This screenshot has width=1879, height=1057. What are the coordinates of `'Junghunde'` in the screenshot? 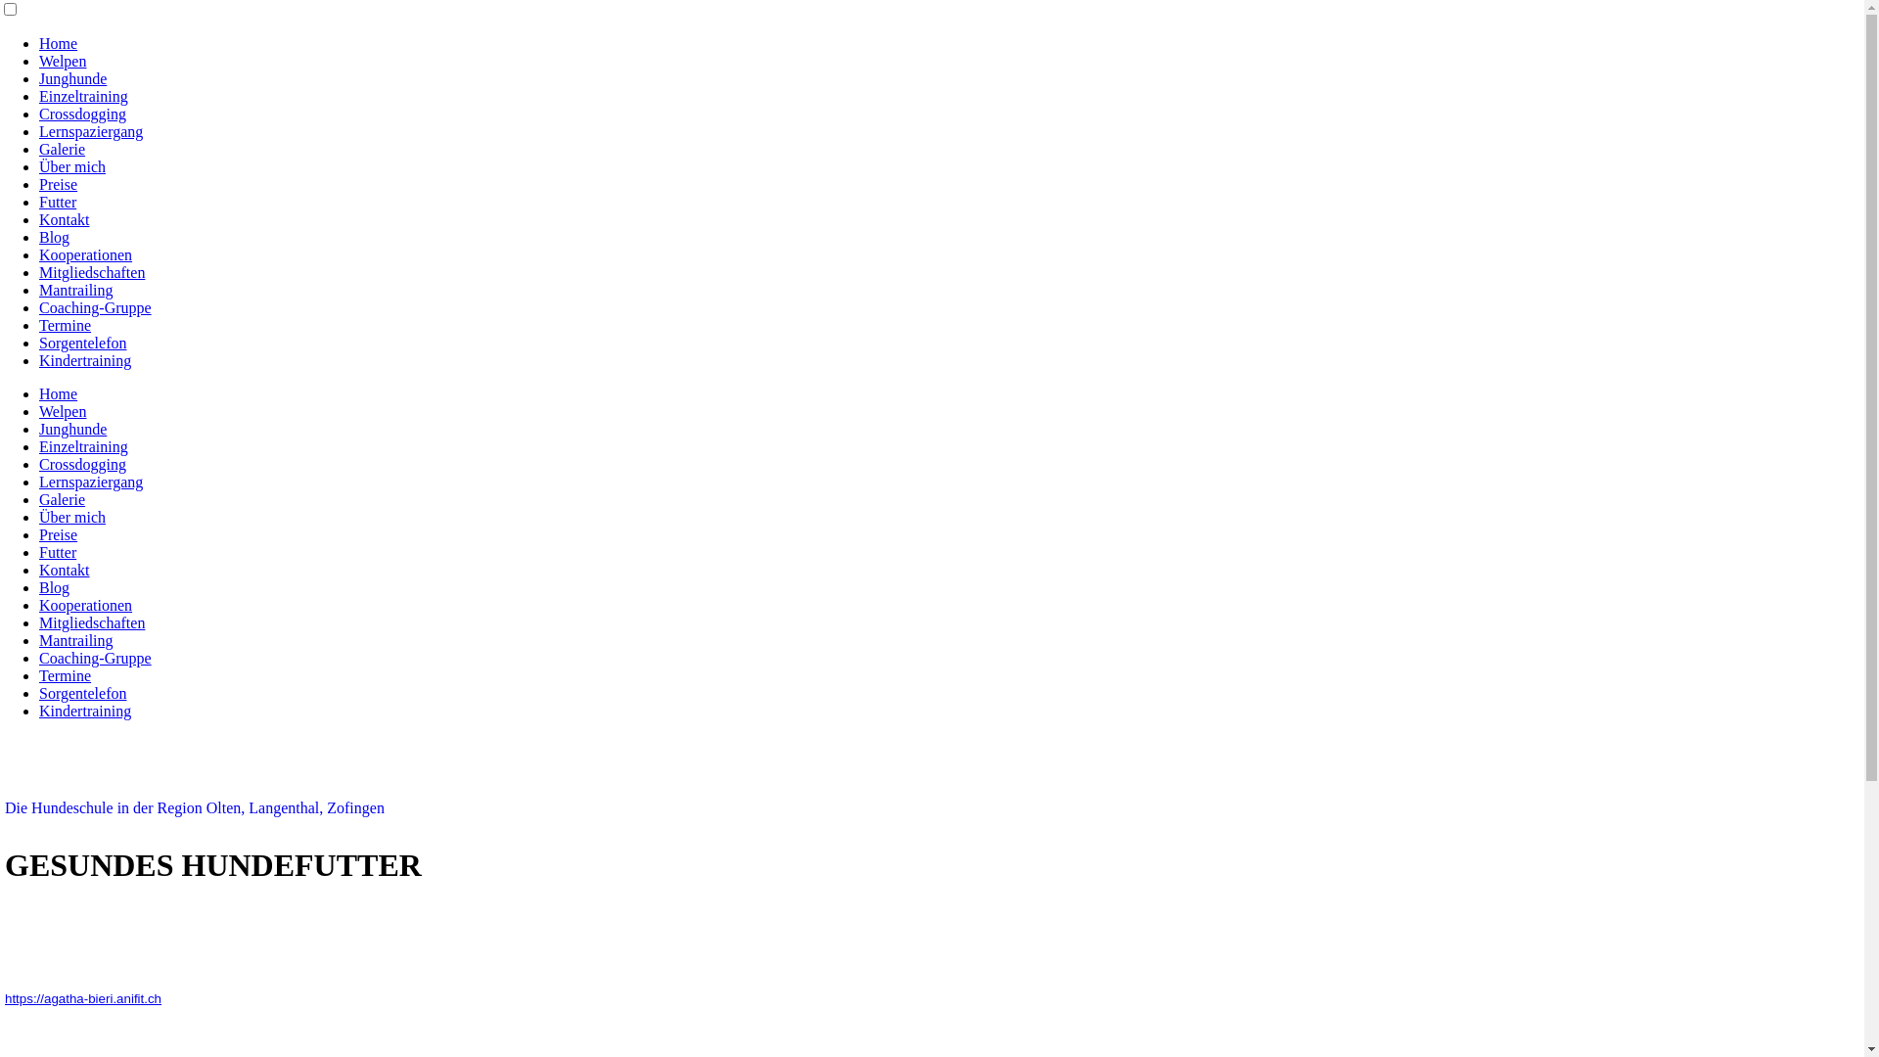 It's located at (72, 77).